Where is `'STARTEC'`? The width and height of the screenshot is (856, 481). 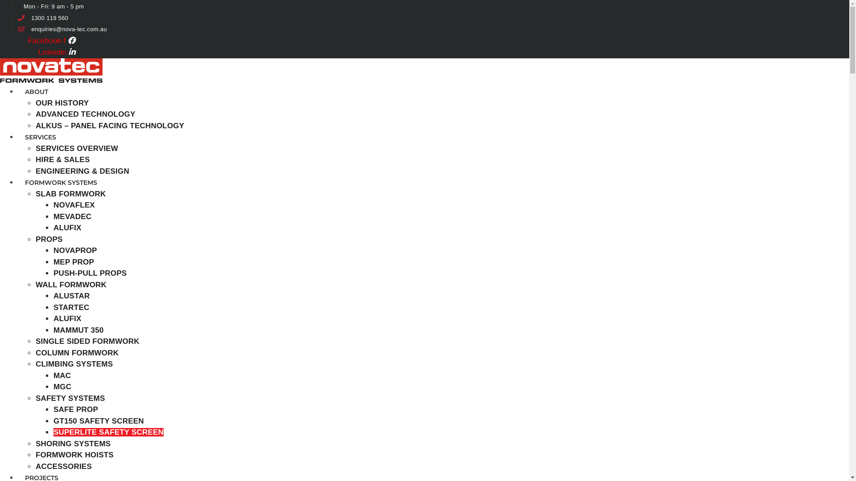 'STARTEC' is located at coordinates (70, 307).